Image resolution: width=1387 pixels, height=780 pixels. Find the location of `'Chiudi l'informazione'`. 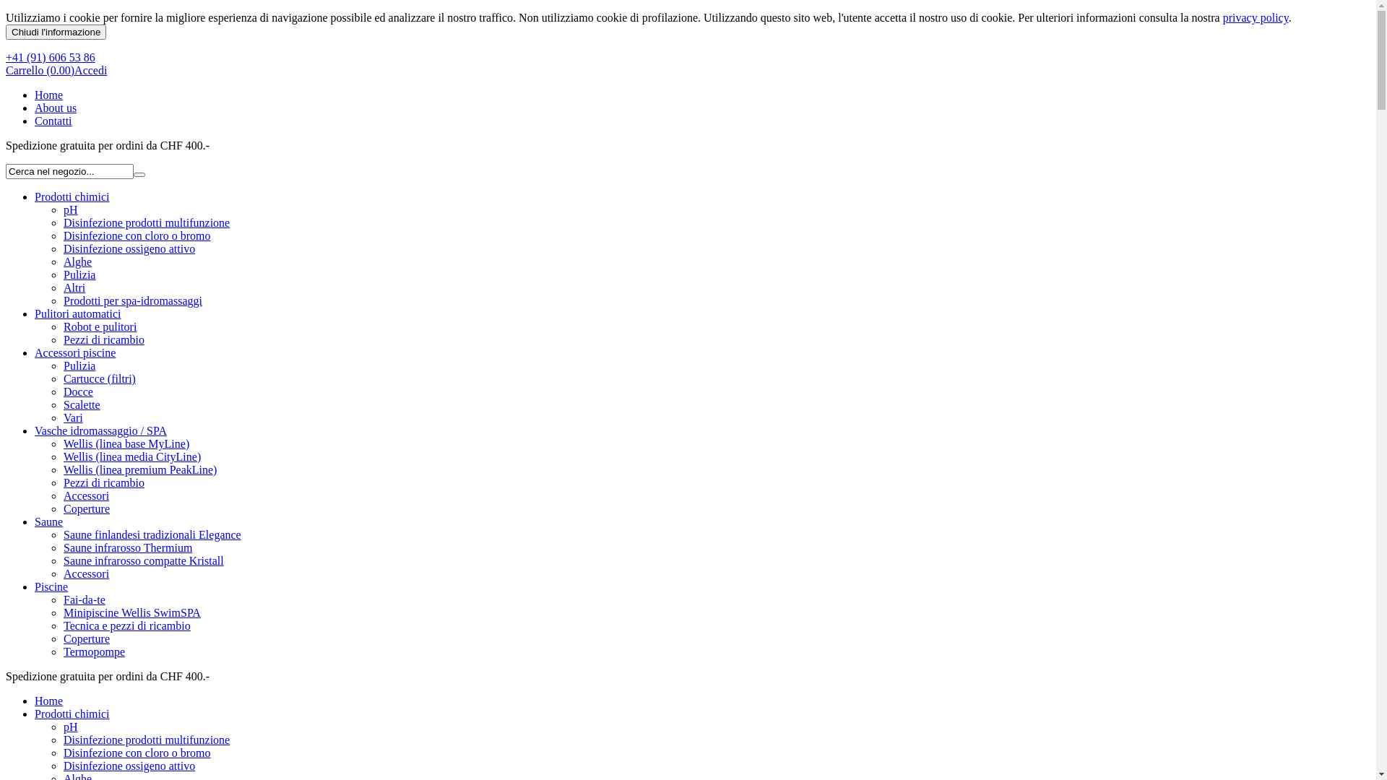

'Chiudi l'informazione' is located at coordinates (56, 31).